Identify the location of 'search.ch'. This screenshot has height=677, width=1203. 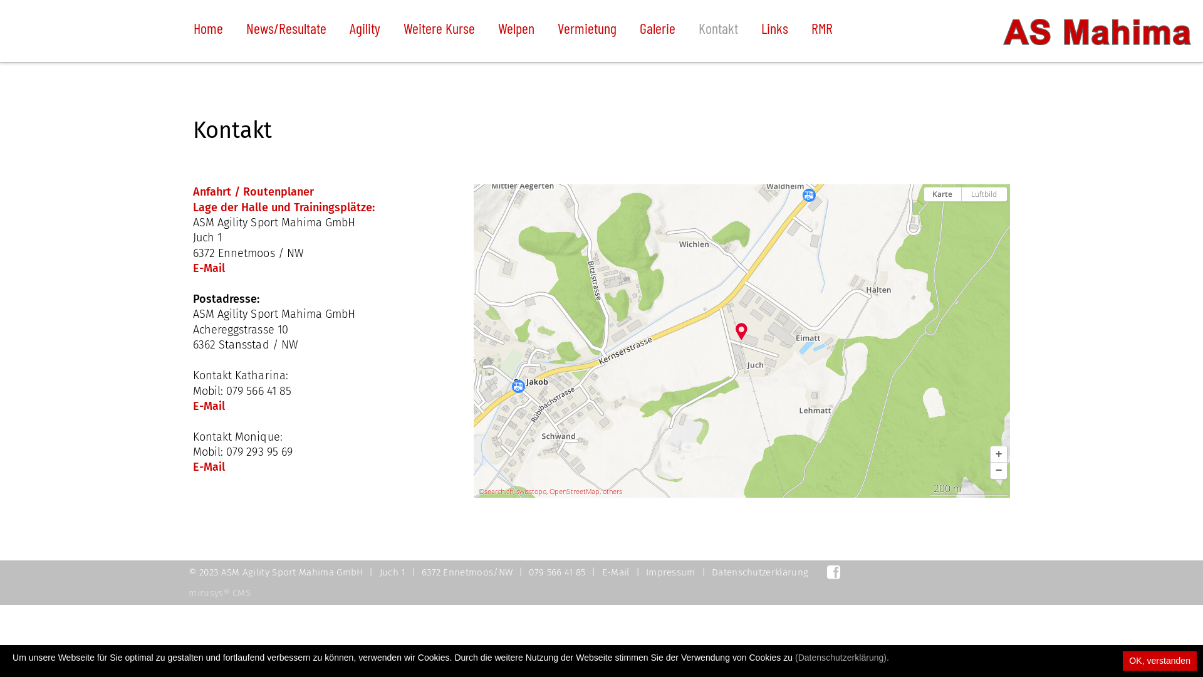
(483, 490).